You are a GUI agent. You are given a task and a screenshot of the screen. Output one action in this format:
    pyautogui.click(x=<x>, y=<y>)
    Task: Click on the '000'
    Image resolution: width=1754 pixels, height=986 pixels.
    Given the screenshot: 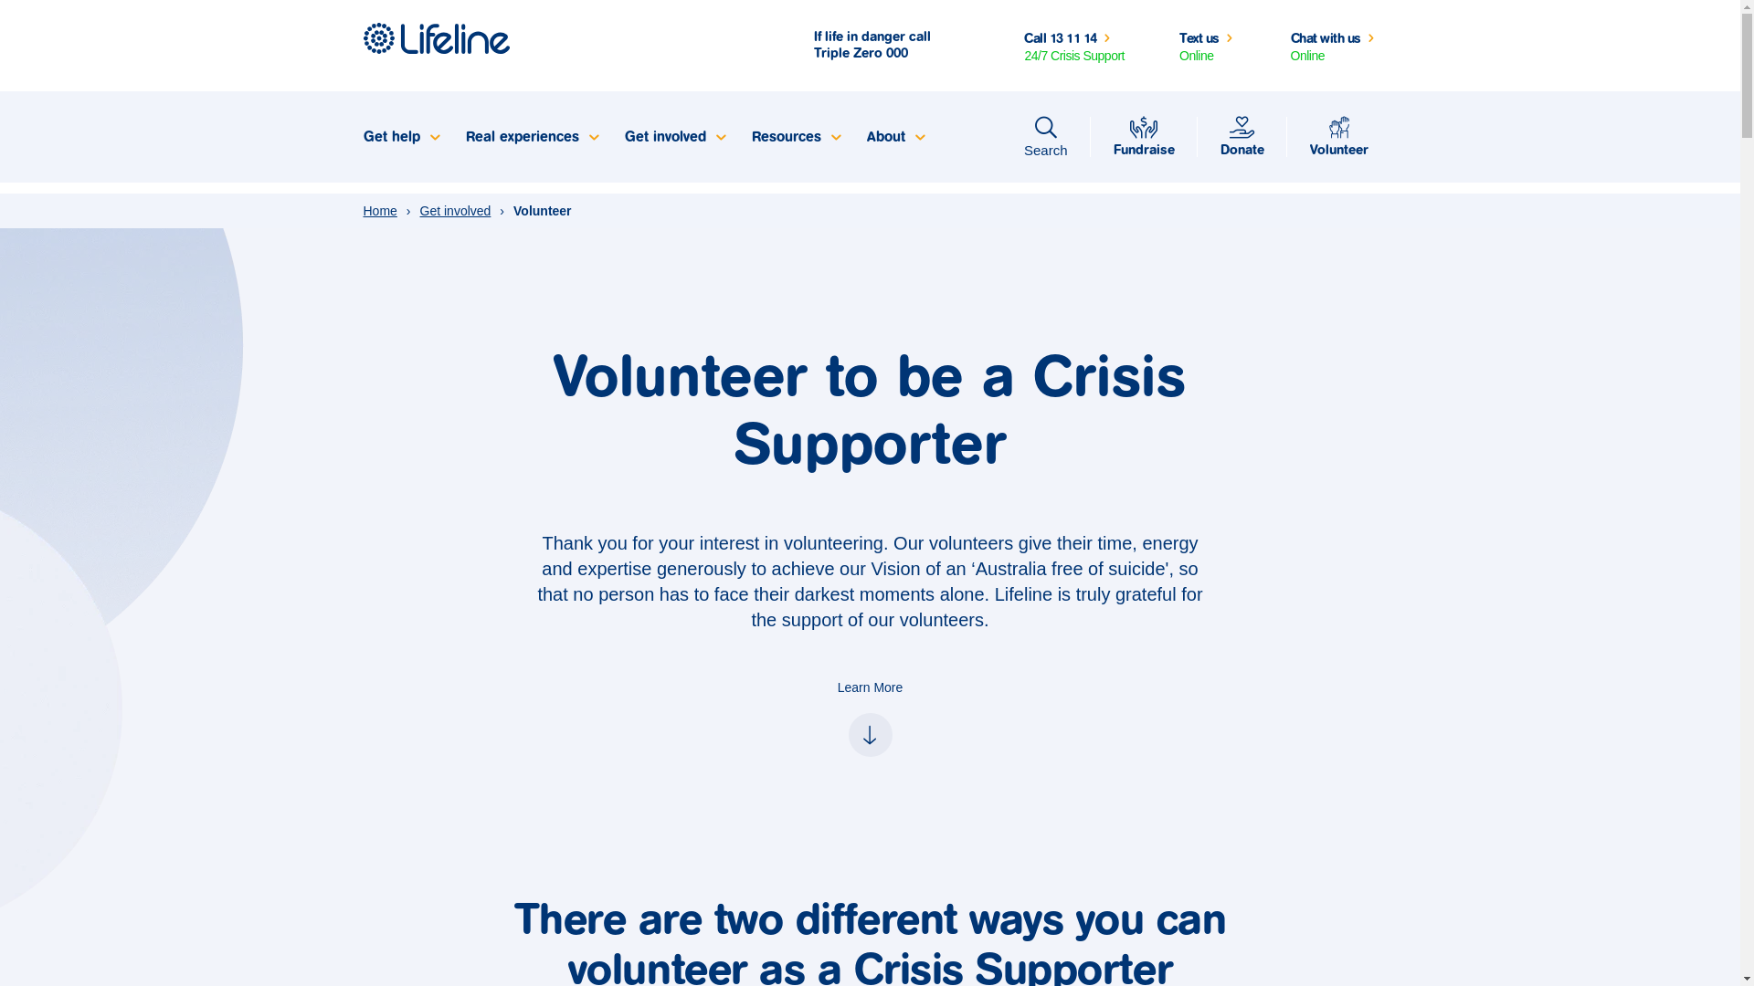 What is the action you would take?
    pyautogui.click(x=885, y=52)
    